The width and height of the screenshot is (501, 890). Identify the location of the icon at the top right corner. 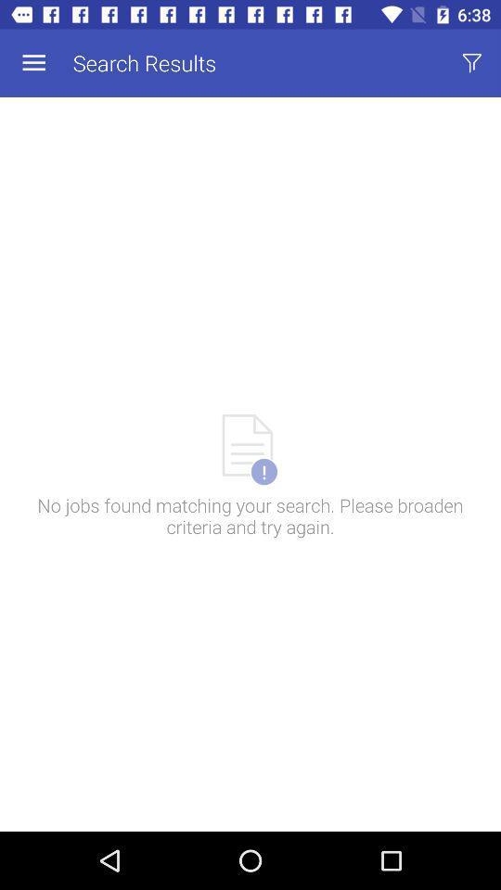
(471, 63).